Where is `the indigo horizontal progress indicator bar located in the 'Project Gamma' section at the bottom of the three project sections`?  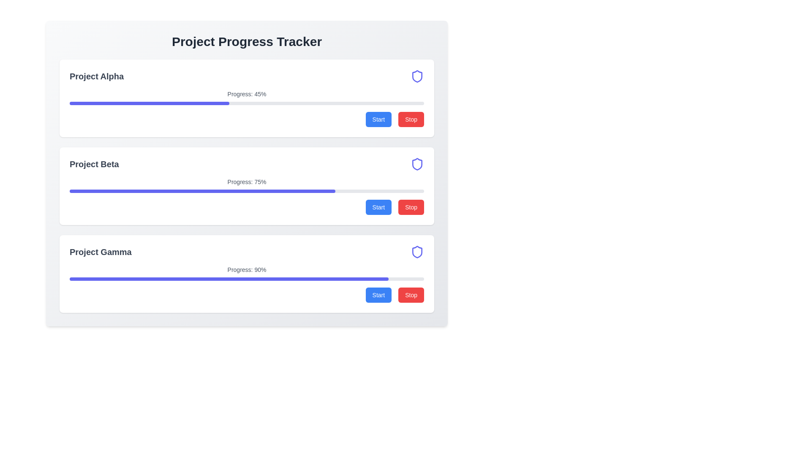 the indigo horizontal progress indicator bar located in the 'Project Gamma' section at the bottom of the three project sections is located at coordinates (229, 279).